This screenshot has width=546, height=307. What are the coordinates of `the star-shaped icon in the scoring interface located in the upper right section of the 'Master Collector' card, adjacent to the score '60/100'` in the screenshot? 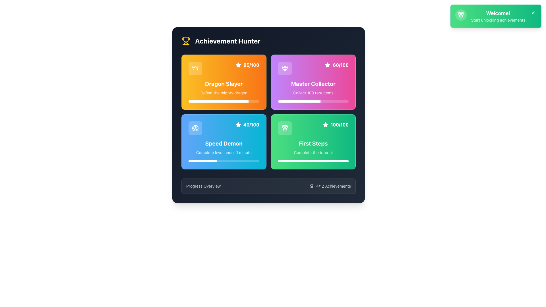 It's located at (328, 65).